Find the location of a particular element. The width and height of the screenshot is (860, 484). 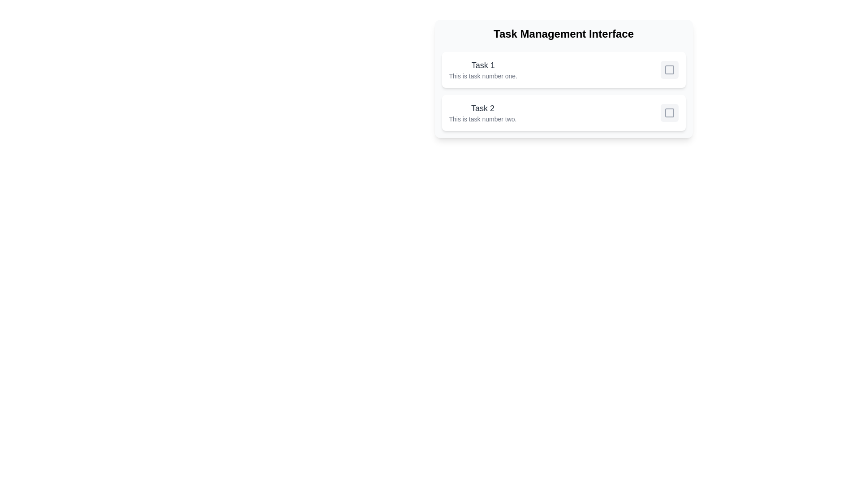

the Text Label that serves as a title or header for the interface, providing contextual information about the displayed content is located at coordinates (563, 34).